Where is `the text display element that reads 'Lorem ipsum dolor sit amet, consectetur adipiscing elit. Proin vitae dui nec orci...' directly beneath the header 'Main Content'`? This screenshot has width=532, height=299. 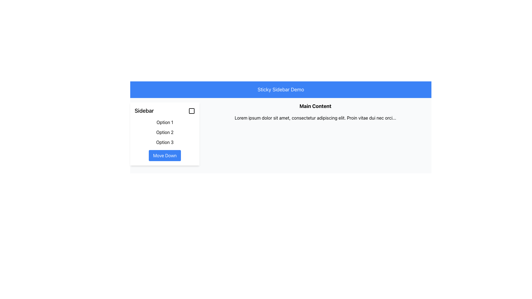
the text display element that reads 'Lorem ipsum dolor sit amet, consectetur adipiscing elit. Proin vitae dui nec orci...' directly beneath the header 'Main Content' is located at coordinates (315, 117).